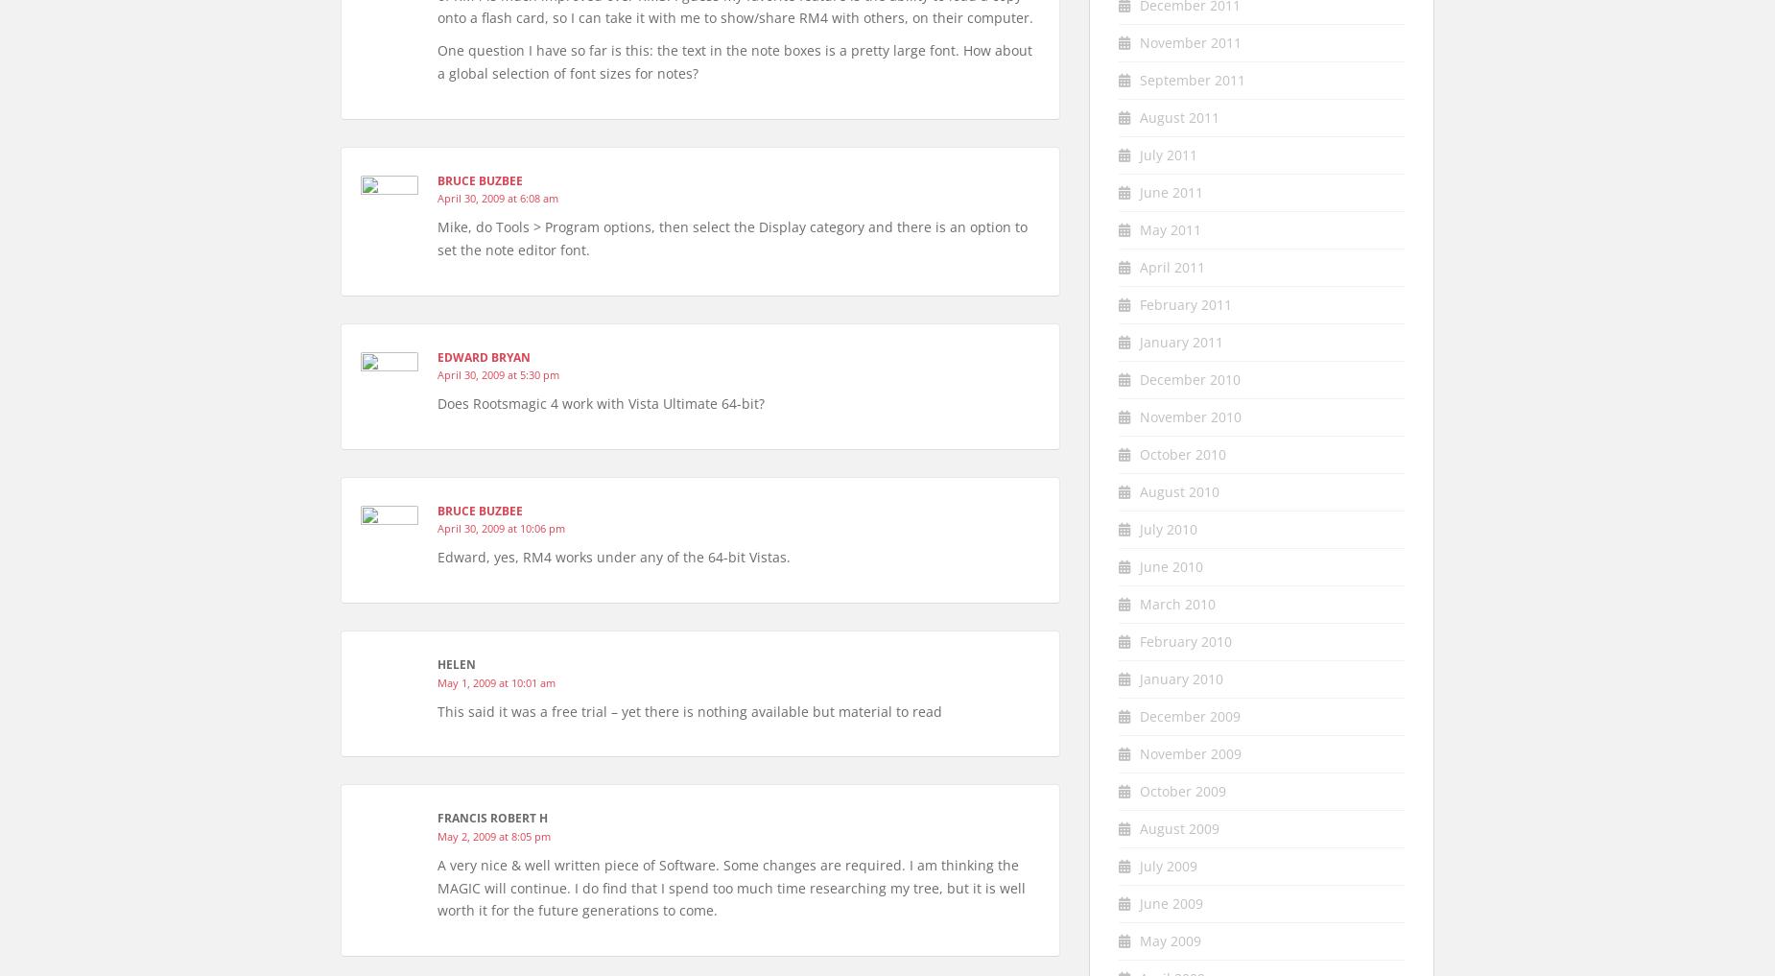 Image resolution: width=1775 pixels, height=976 pixels. I want to click on 'Edward, yes, RM4 works under any of the 64-bit Vistas.', so click(437, 556).